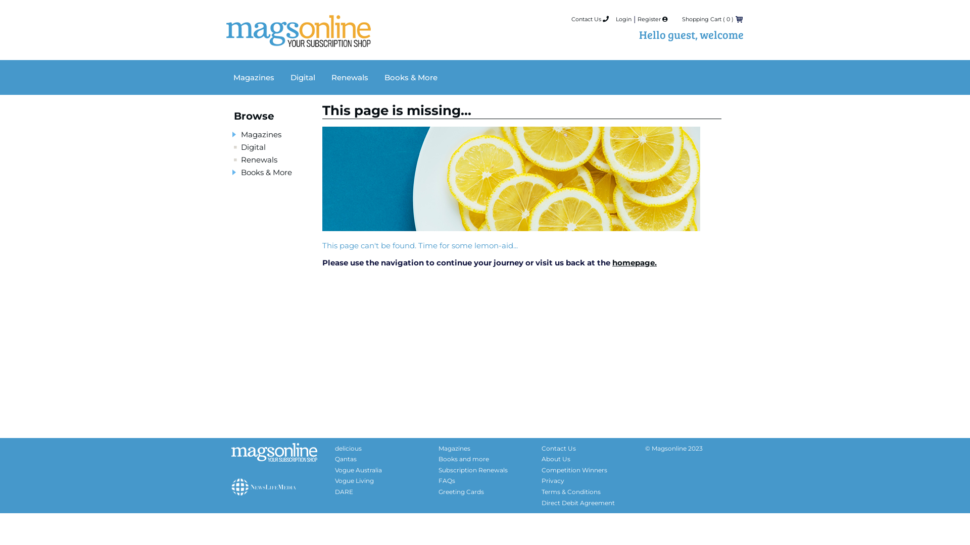  I want to click on 'Direct Debit Agreement', so click(578, 503).